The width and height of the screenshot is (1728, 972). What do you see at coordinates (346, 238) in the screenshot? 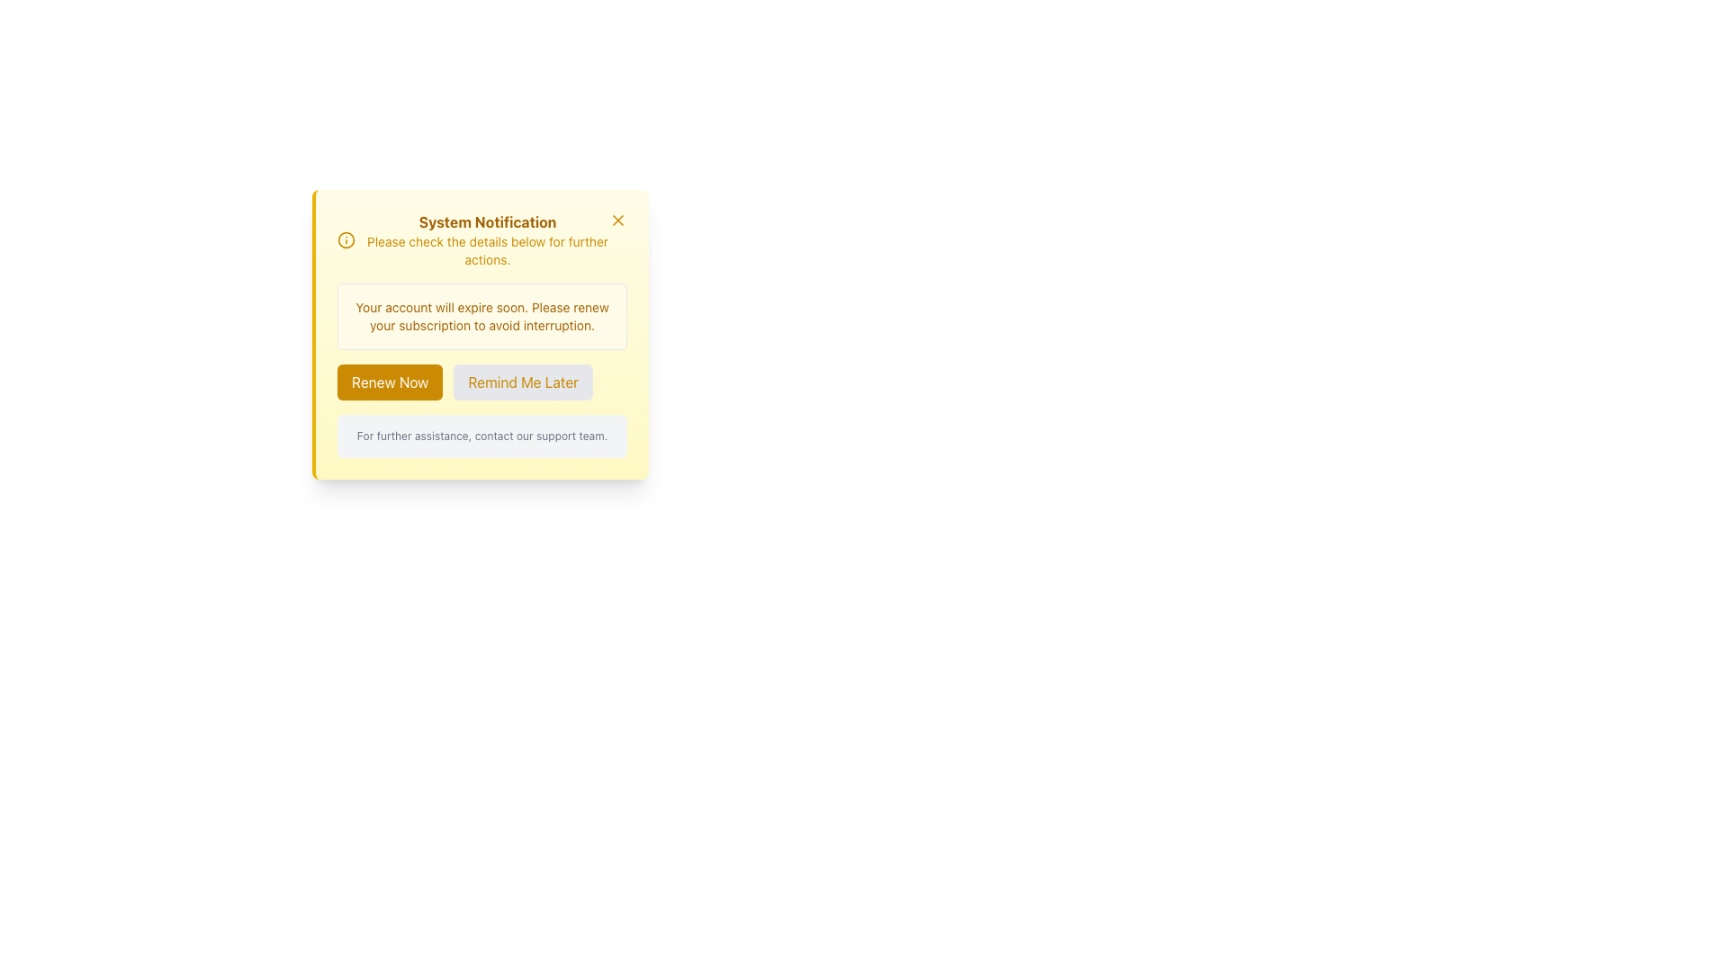
I see `the Icon located at the top-left region of the notification panel next to 'System Notification'` at bounding box center [346, 238].